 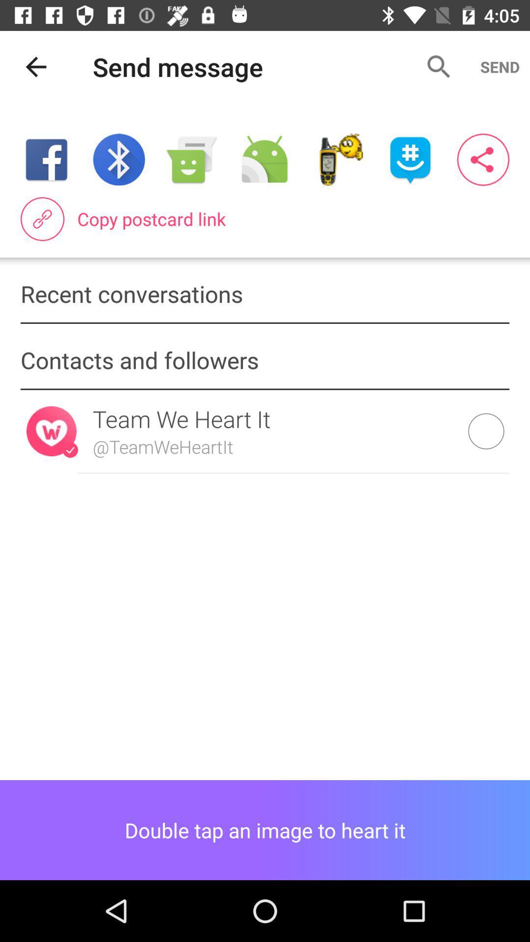 What do you see at coordinates (46, 159) in the screenshot?
I see `share to facebook` at bounding box center [46, 159].